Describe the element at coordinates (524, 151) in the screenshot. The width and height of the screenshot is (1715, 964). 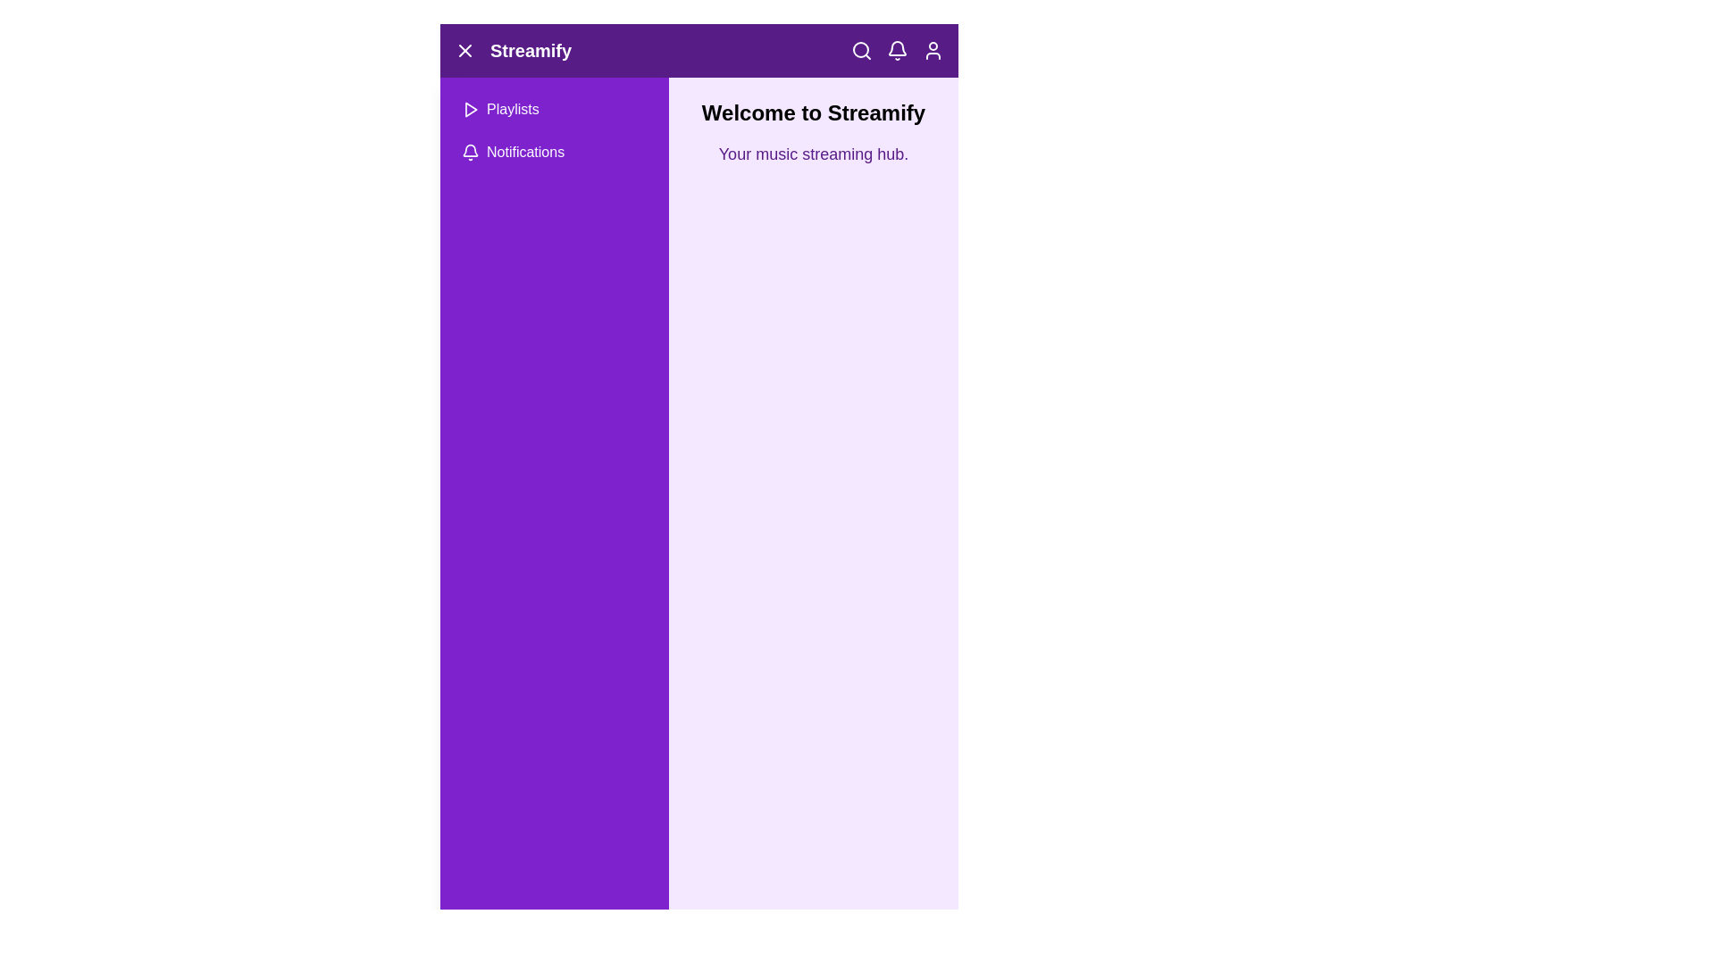
I see `the 'Notifications' text label located in the collapsible side menu, which is the second menu item following 'Playlists'` at that location.